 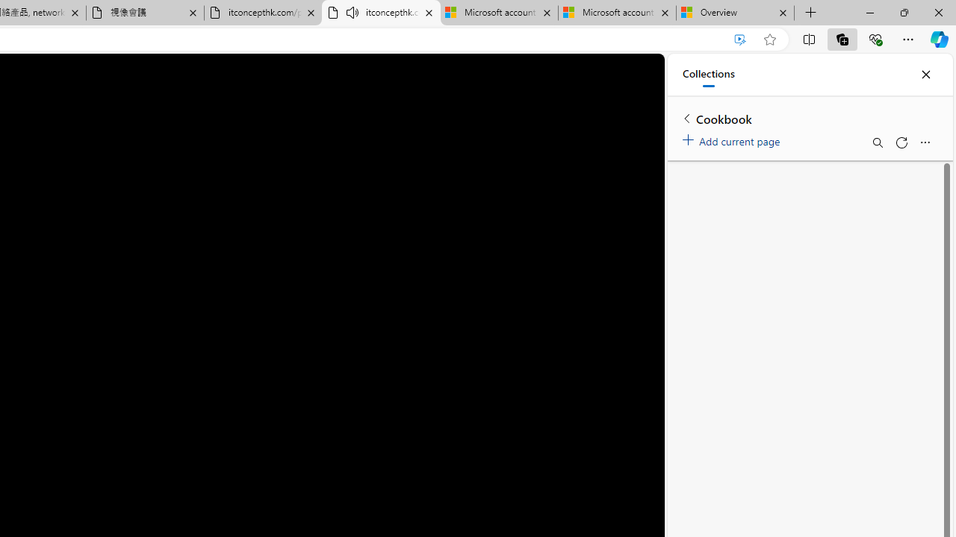 I want to click on 'Enhance video', so click(x=740, y=39).